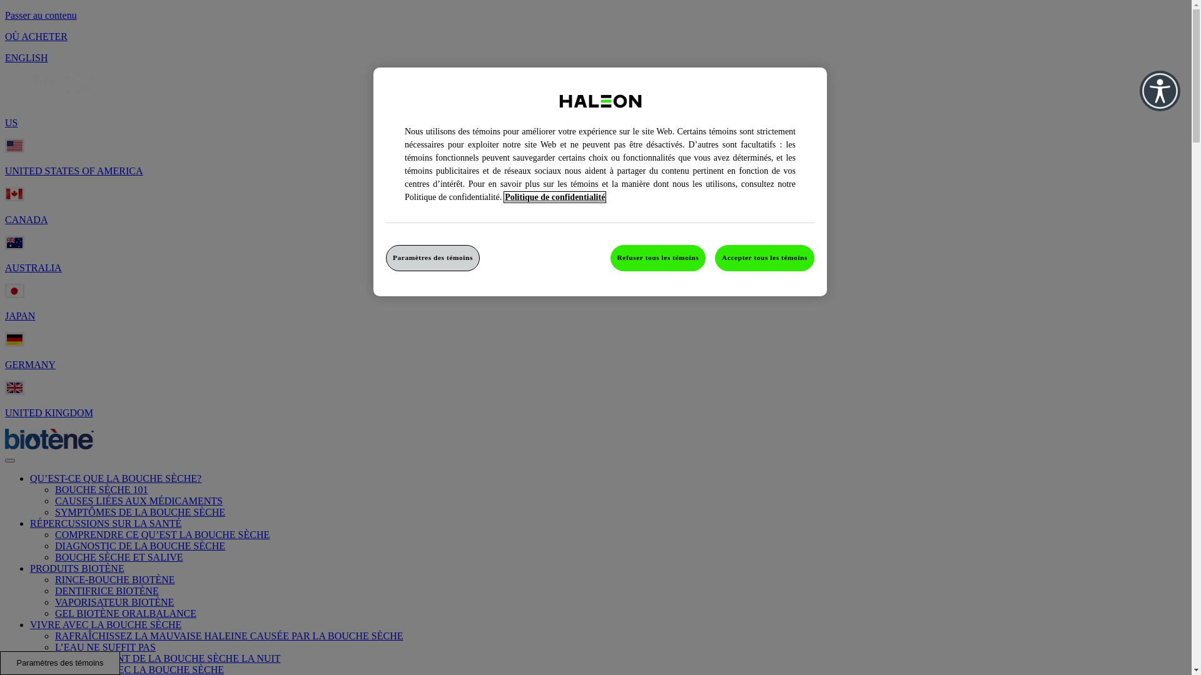  Describe the element at coordinates (5, 267) in the screenshot. I see `'AUSTRALIA'` at that location.